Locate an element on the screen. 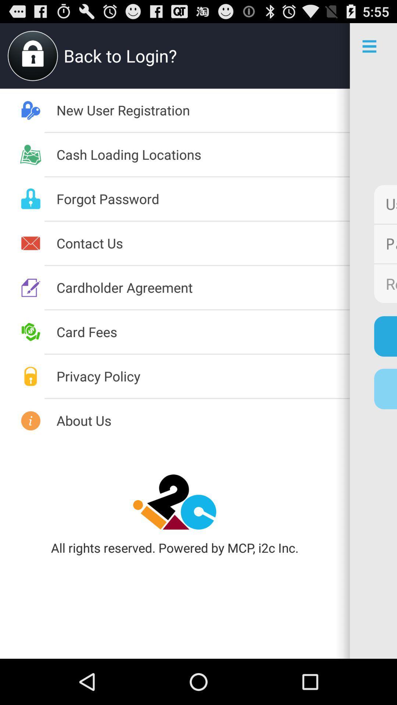 The width and height of the screenshot is (397, 705). the item next to the back to login? app is located at coordinates (32, 55).